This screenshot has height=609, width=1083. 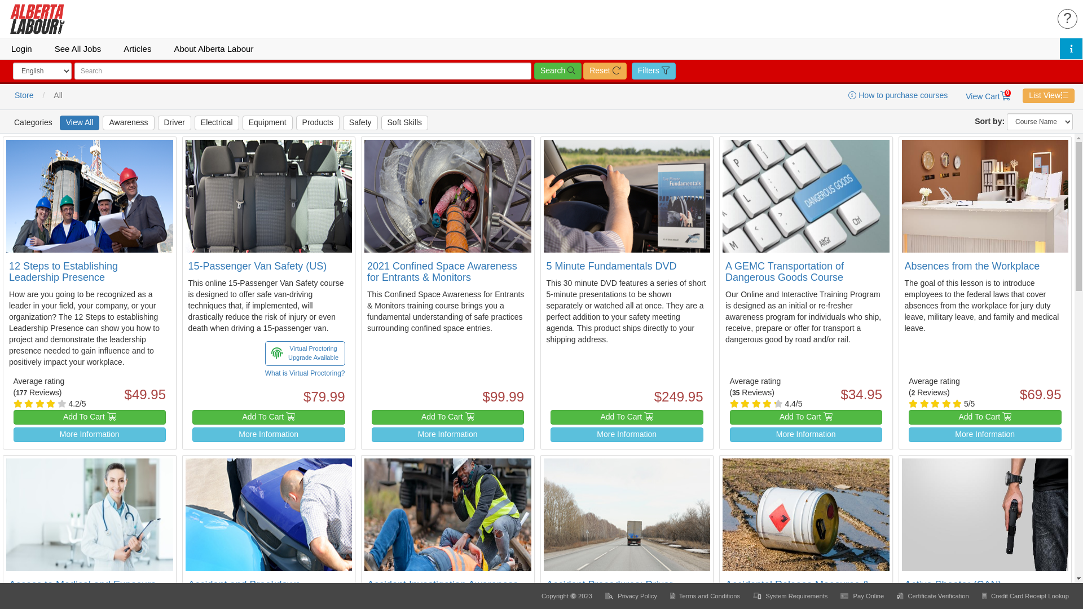 I want to click on 'Pay Online', so click(x=862, y=595).